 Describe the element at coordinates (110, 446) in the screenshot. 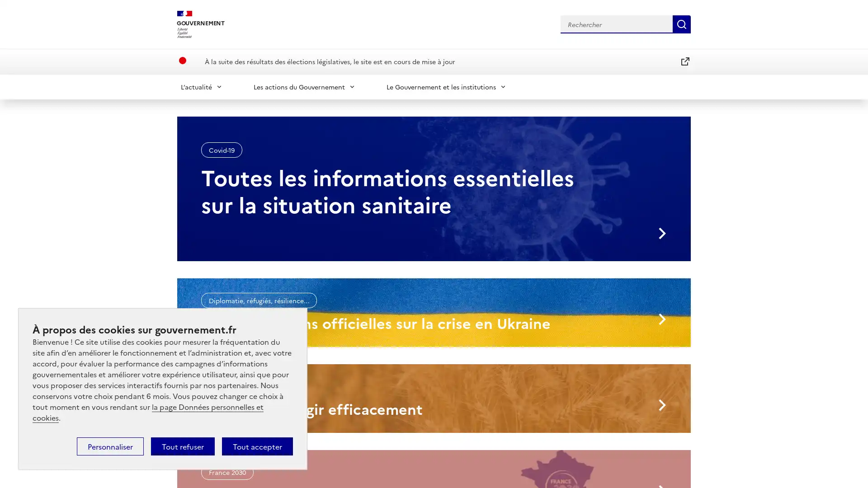

I see `Personnaliser` at that location.